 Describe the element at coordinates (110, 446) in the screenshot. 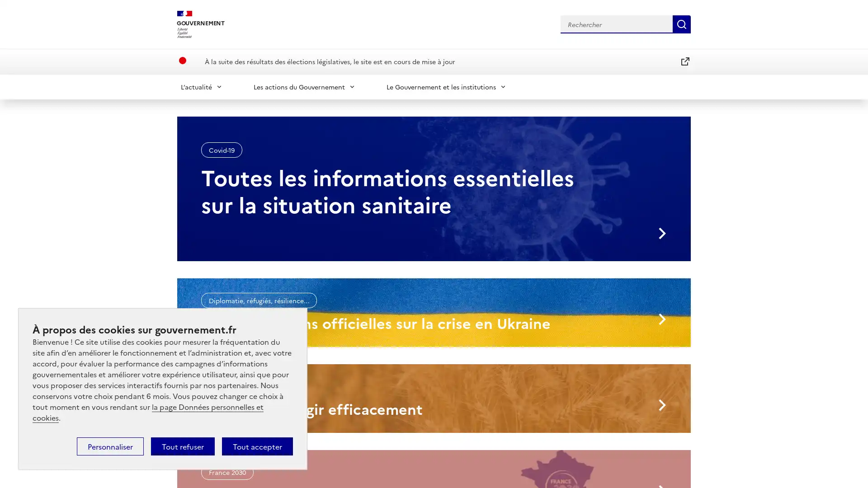

I see `Personnaliser` at that location.